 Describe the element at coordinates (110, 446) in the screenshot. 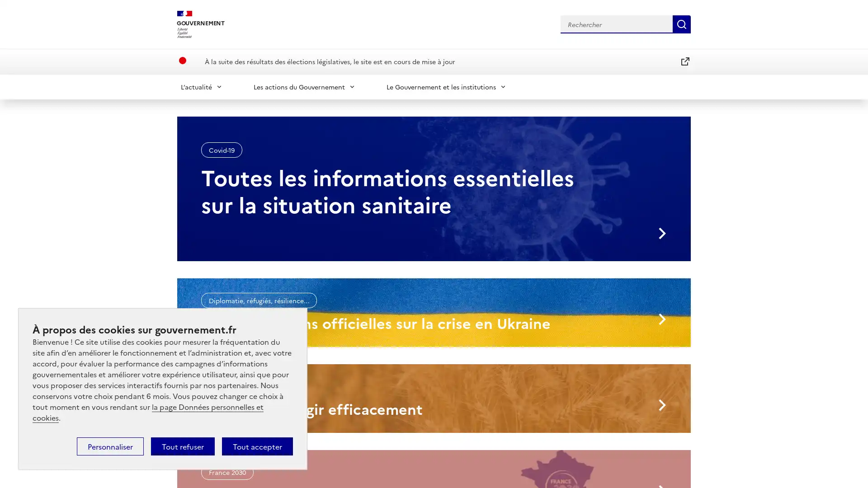

I see `Personnaliser` at that location.